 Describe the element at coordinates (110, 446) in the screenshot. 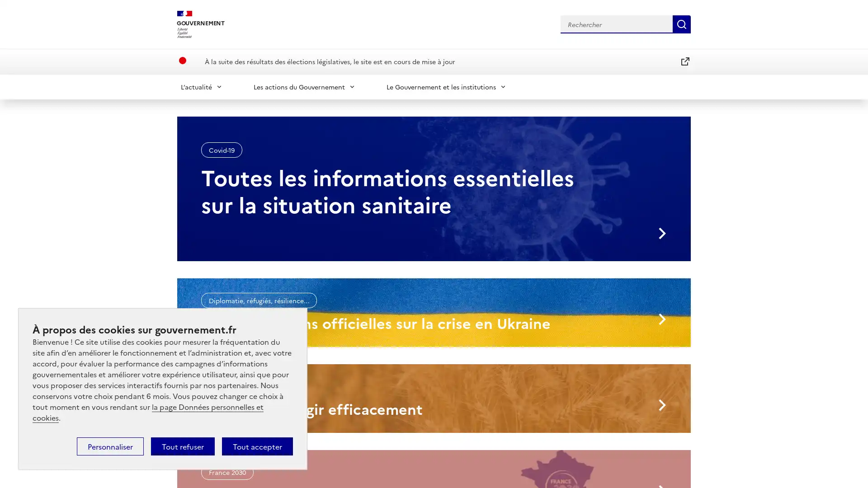

I see `Personnaliser` at that location.